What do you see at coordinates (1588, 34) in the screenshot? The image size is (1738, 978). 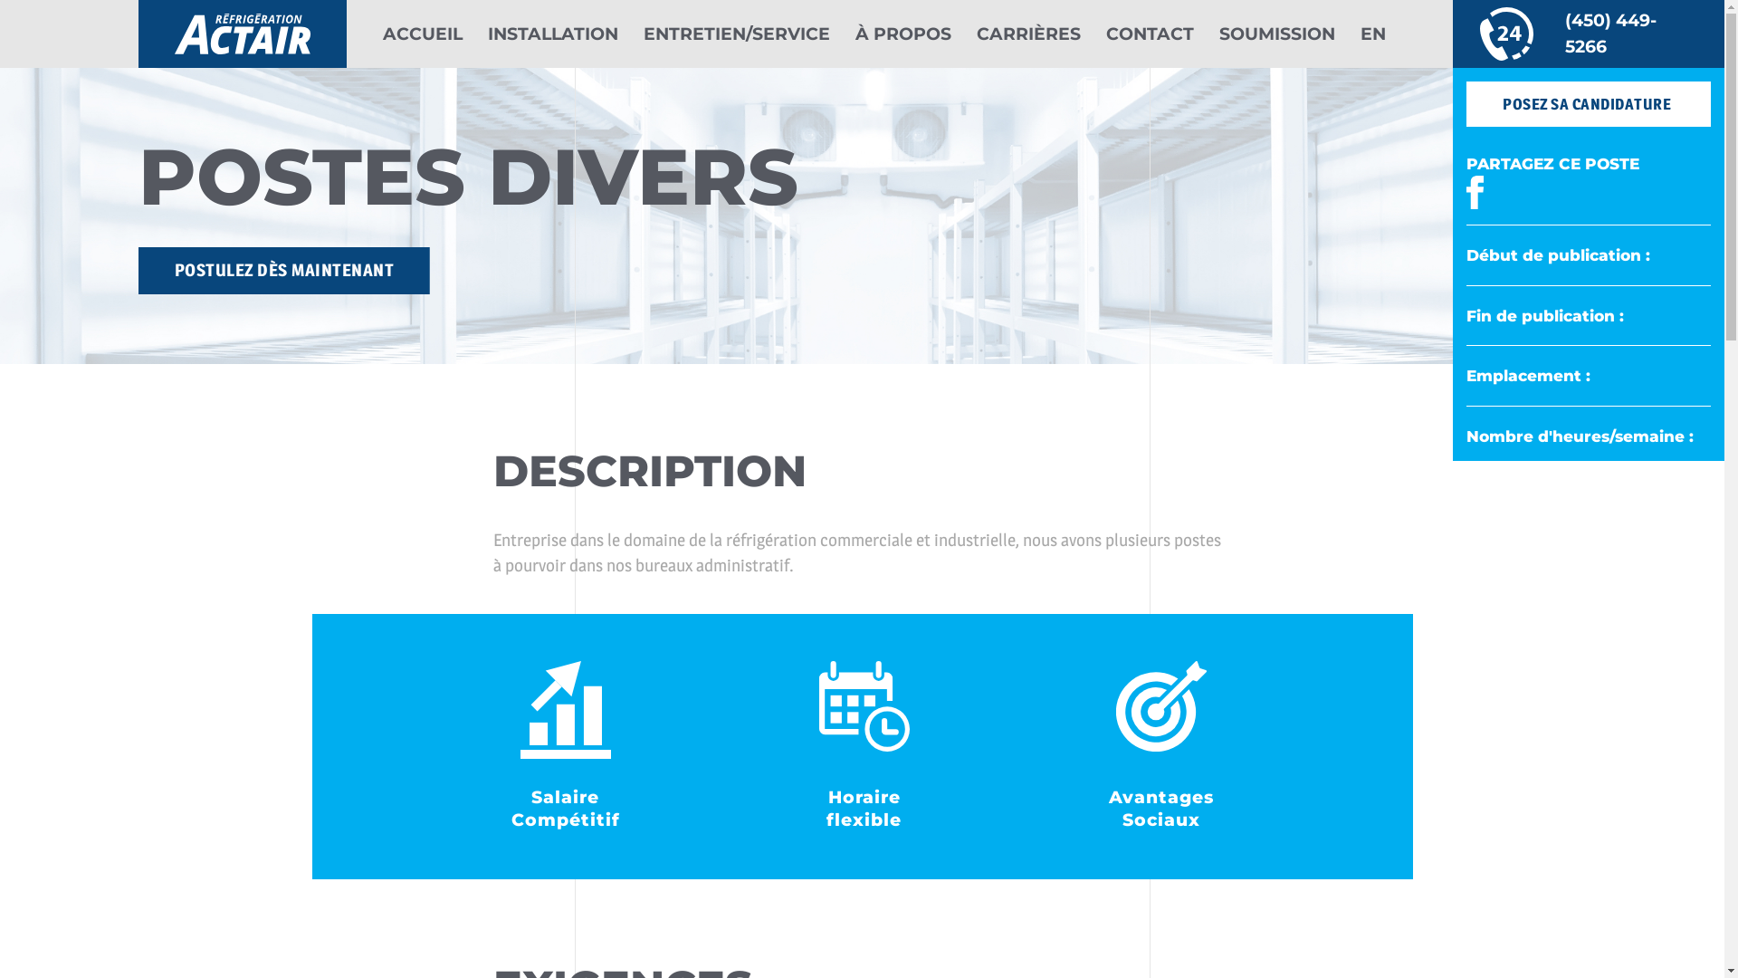 I see `'(450) 449-5266'` at bounding box center [1588, 34].